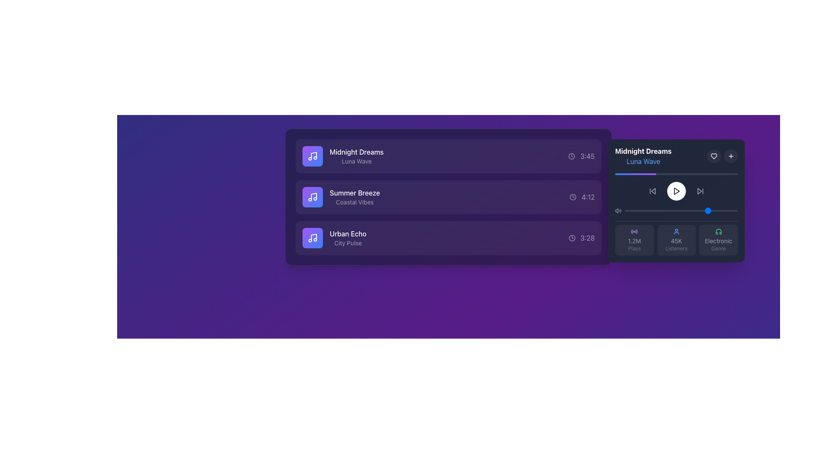 The width and height of the screenshot is (818, 460). Describe the element at coordinates (448, 156) in the screenshot. I see `the first song in the playlist, which is represented by a list item in the left section of the interface` at that location.